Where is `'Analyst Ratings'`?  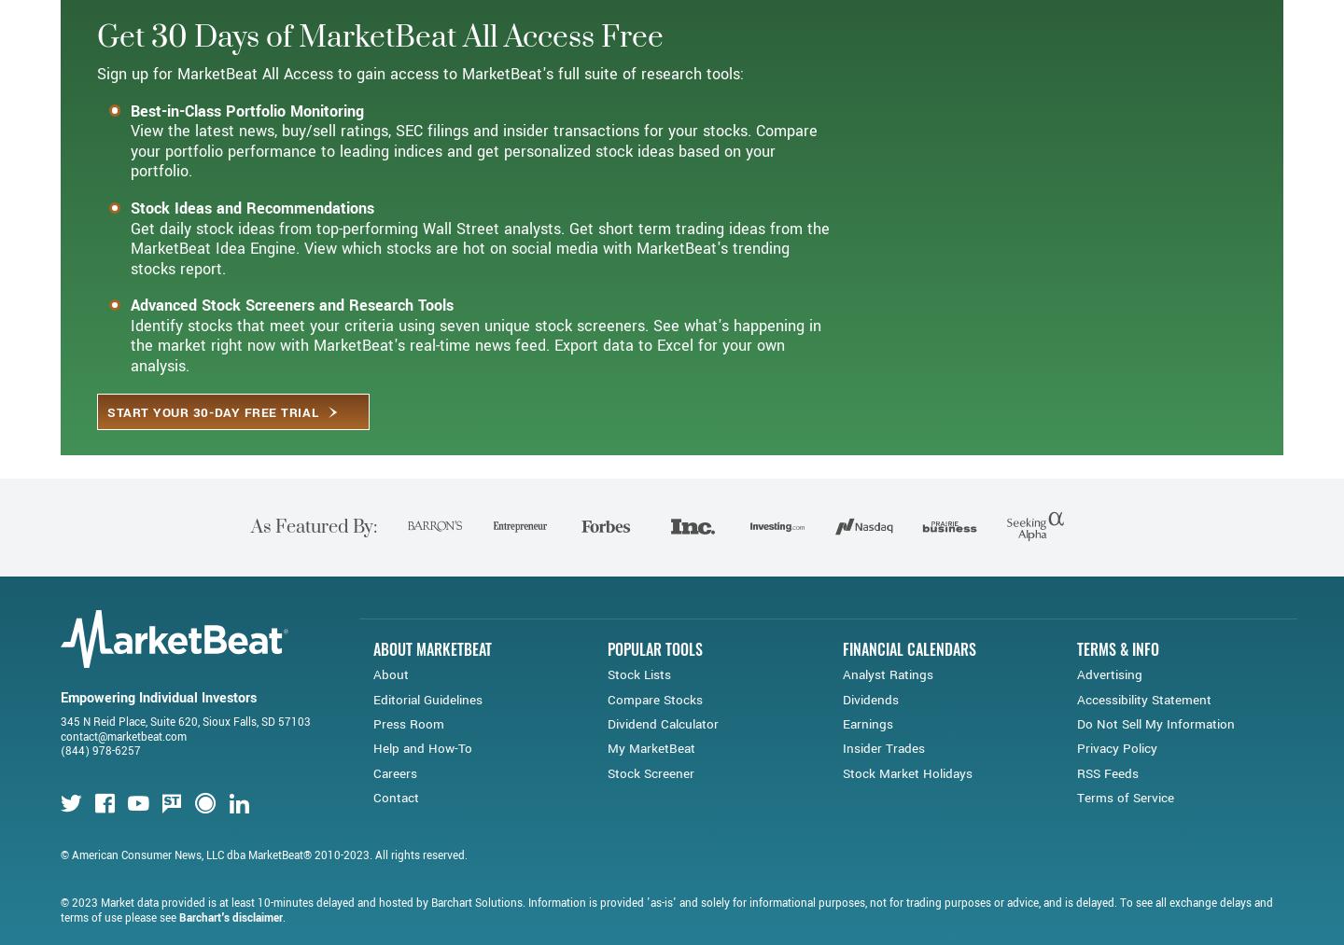
'Analyst Ratings' is located at coordinates (887, 741).